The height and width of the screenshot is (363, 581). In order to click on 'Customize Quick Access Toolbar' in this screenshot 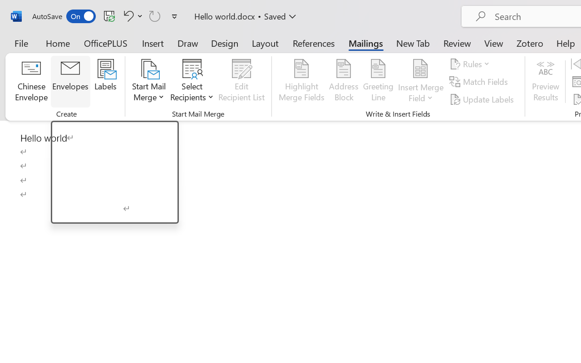, I will do `click(174, 16)`.